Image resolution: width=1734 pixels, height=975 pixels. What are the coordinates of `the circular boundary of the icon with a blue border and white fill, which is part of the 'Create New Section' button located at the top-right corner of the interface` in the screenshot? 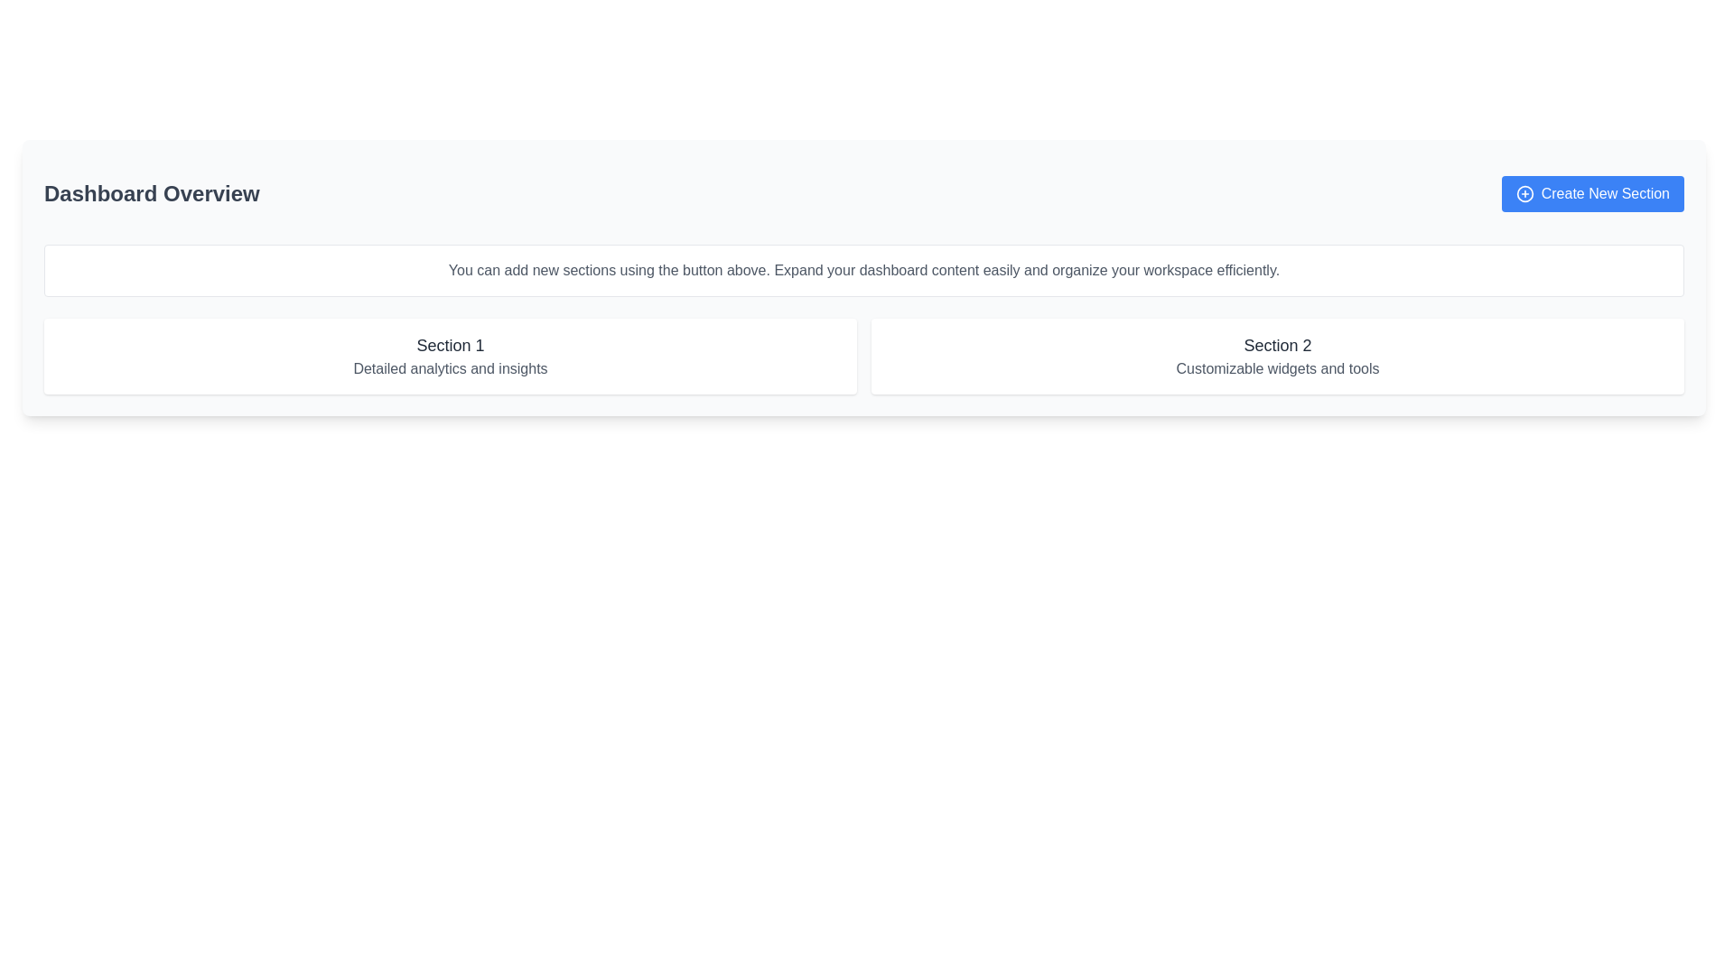 It's located at (1524, 194).